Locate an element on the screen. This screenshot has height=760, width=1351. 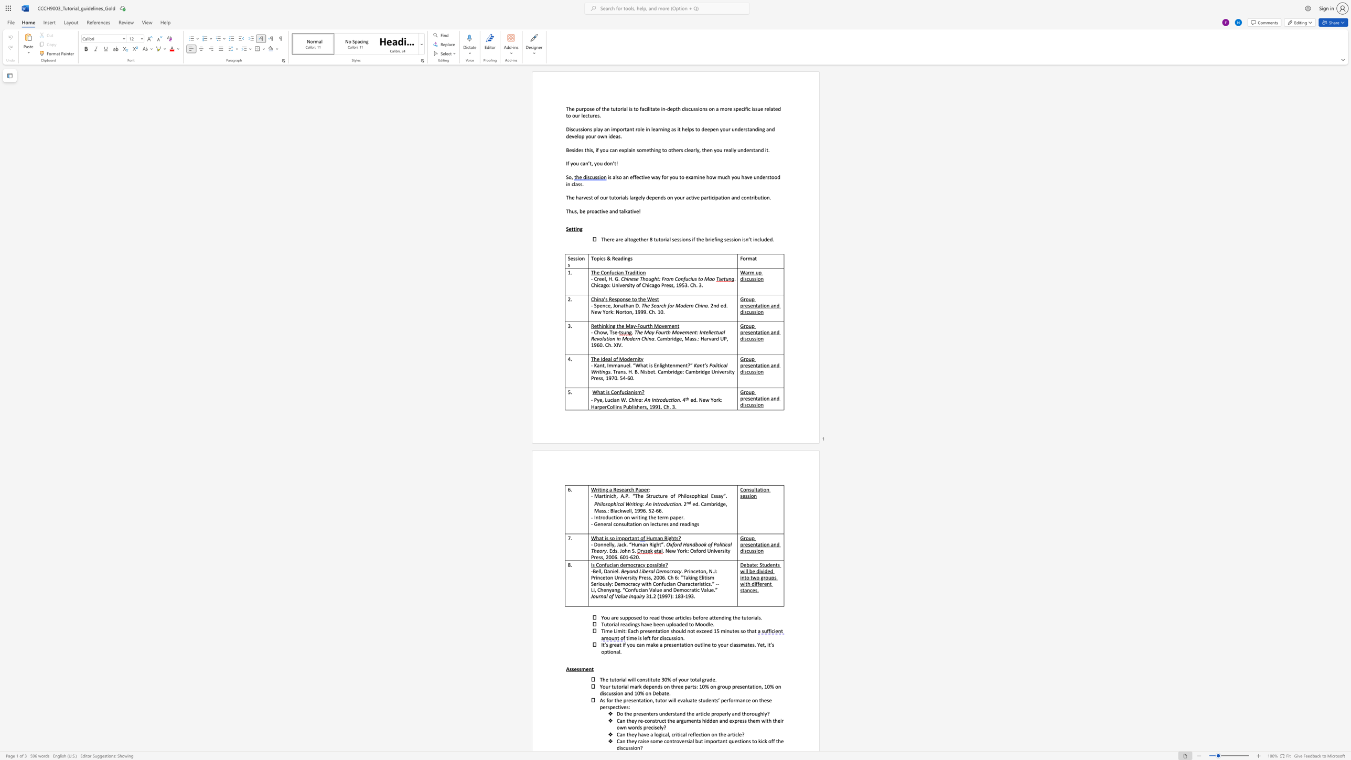
the subset text "Pape" within the text "a Research Paper" is located at coordinates (635, 489).